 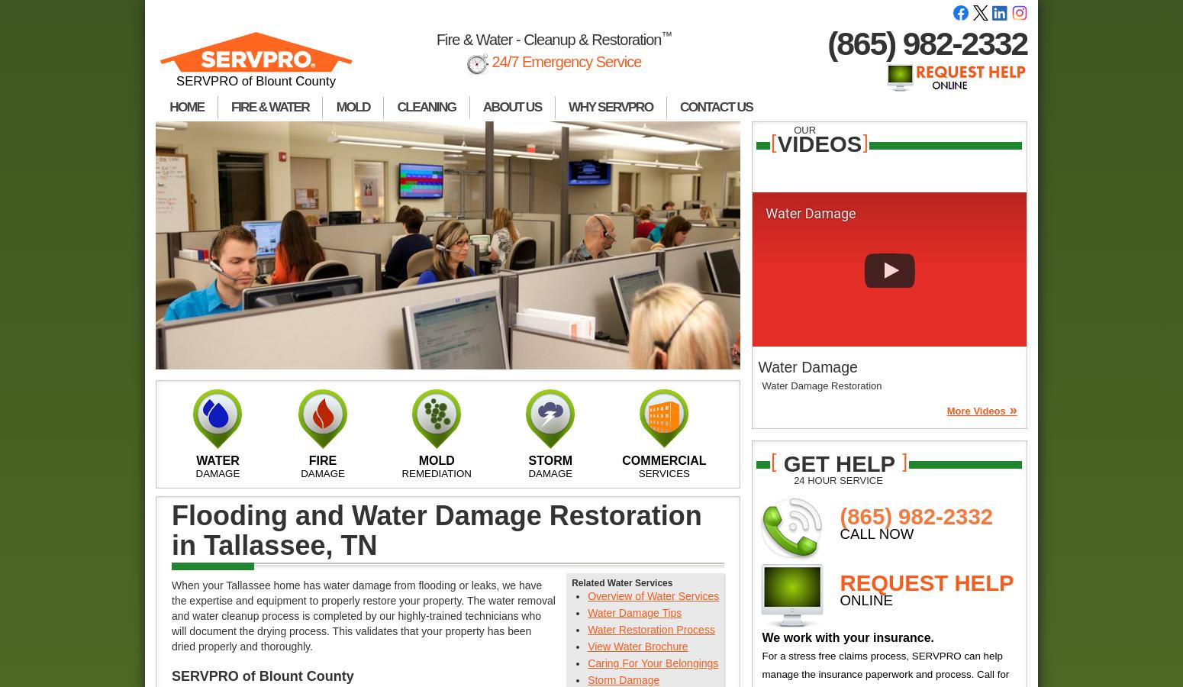 I want to click on 'ABOUT US', so click(x=481, y=107).